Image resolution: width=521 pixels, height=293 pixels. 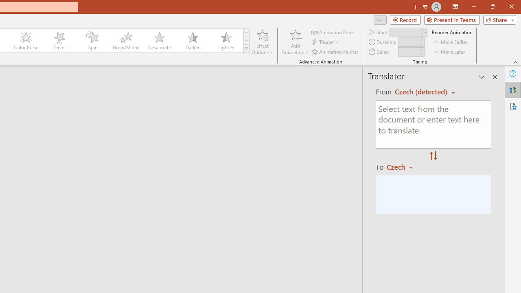 What do you see at coordinates (263, 42) in the screenshot?
I see `'Effect Options'` at bounding box center [263, 42].